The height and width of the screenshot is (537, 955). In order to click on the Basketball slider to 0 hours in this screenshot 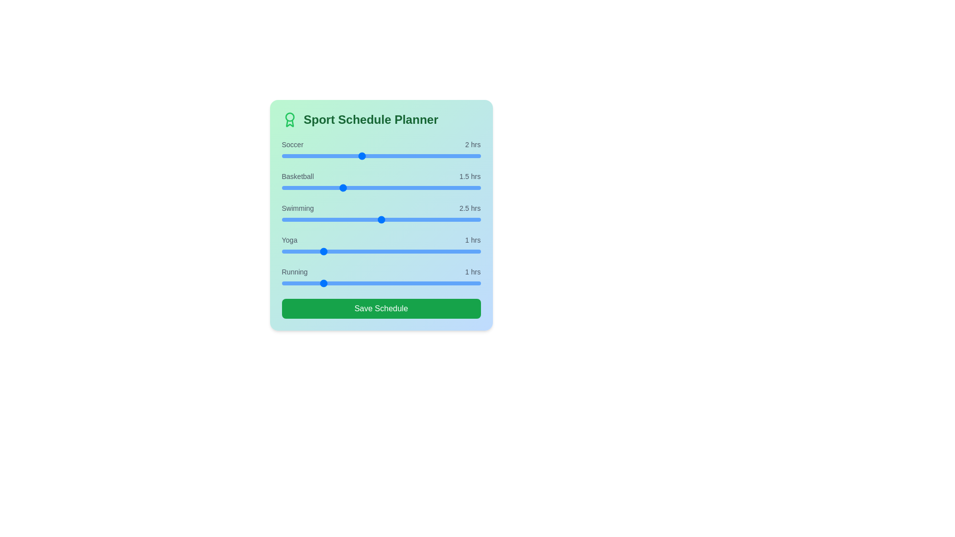, I will do `click(281, 188)`.